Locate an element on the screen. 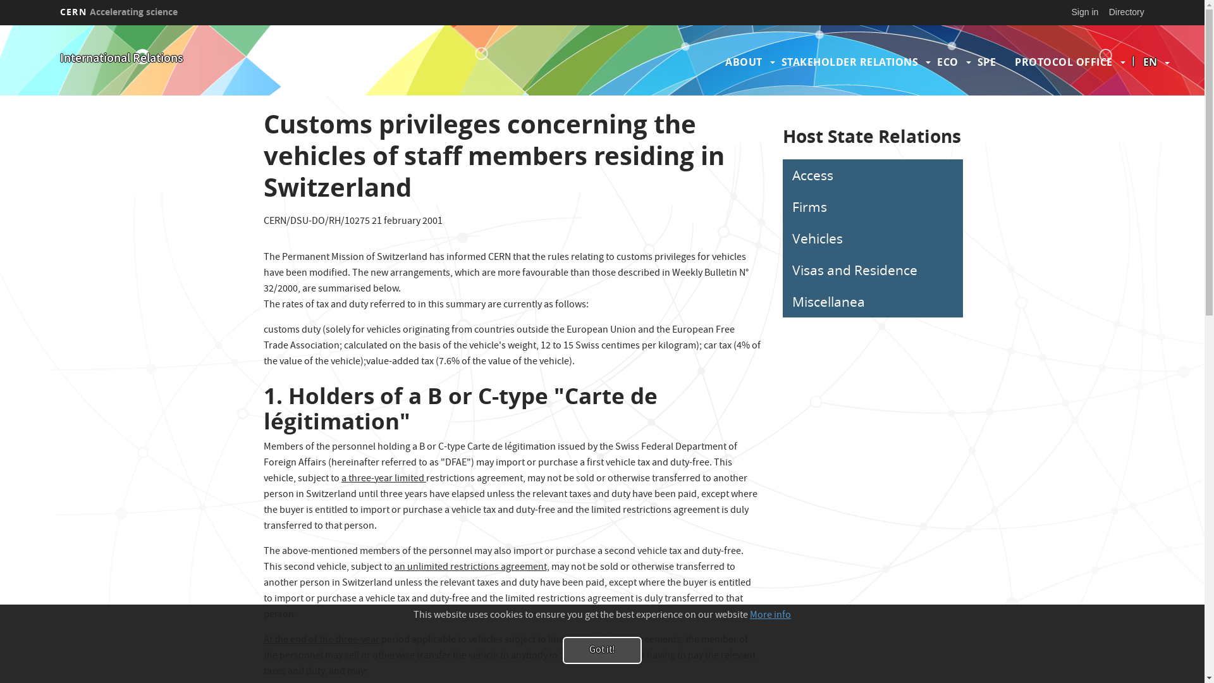  'Miscellanea' is located at coordinates (872, 302).